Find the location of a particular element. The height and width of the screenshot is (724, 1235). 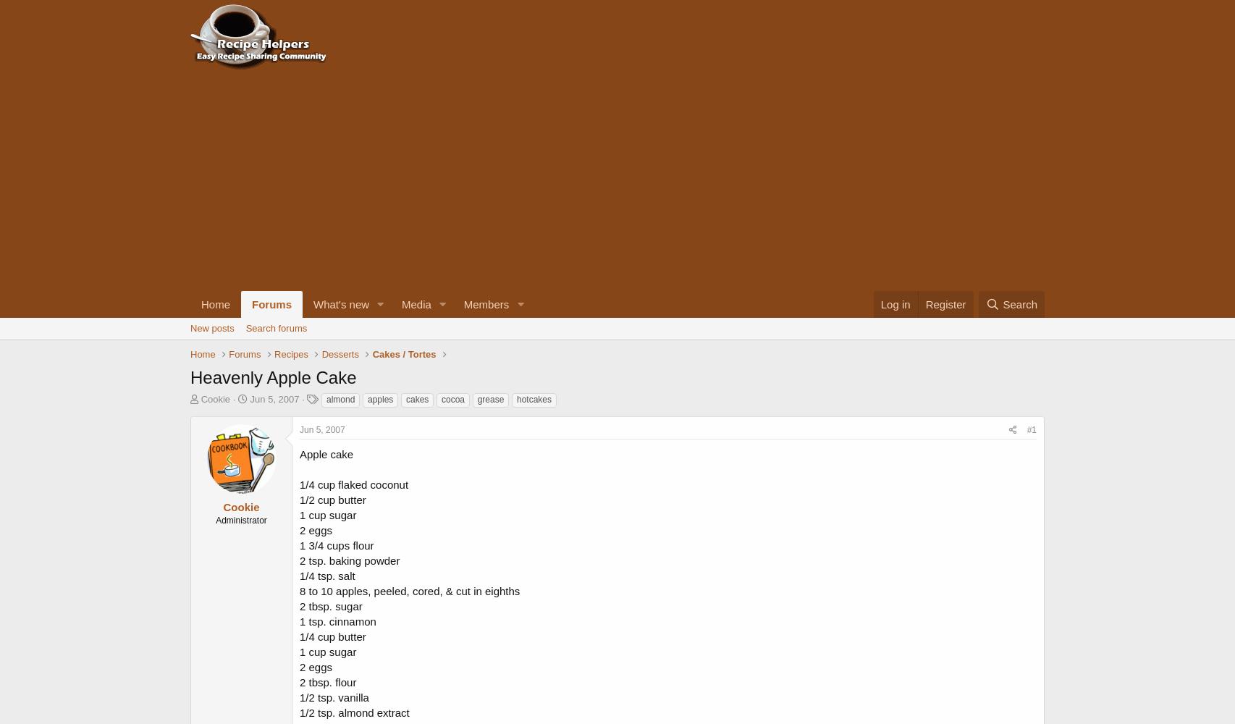

'2 tsp. baking powder' is located at coordinates (348, 560).